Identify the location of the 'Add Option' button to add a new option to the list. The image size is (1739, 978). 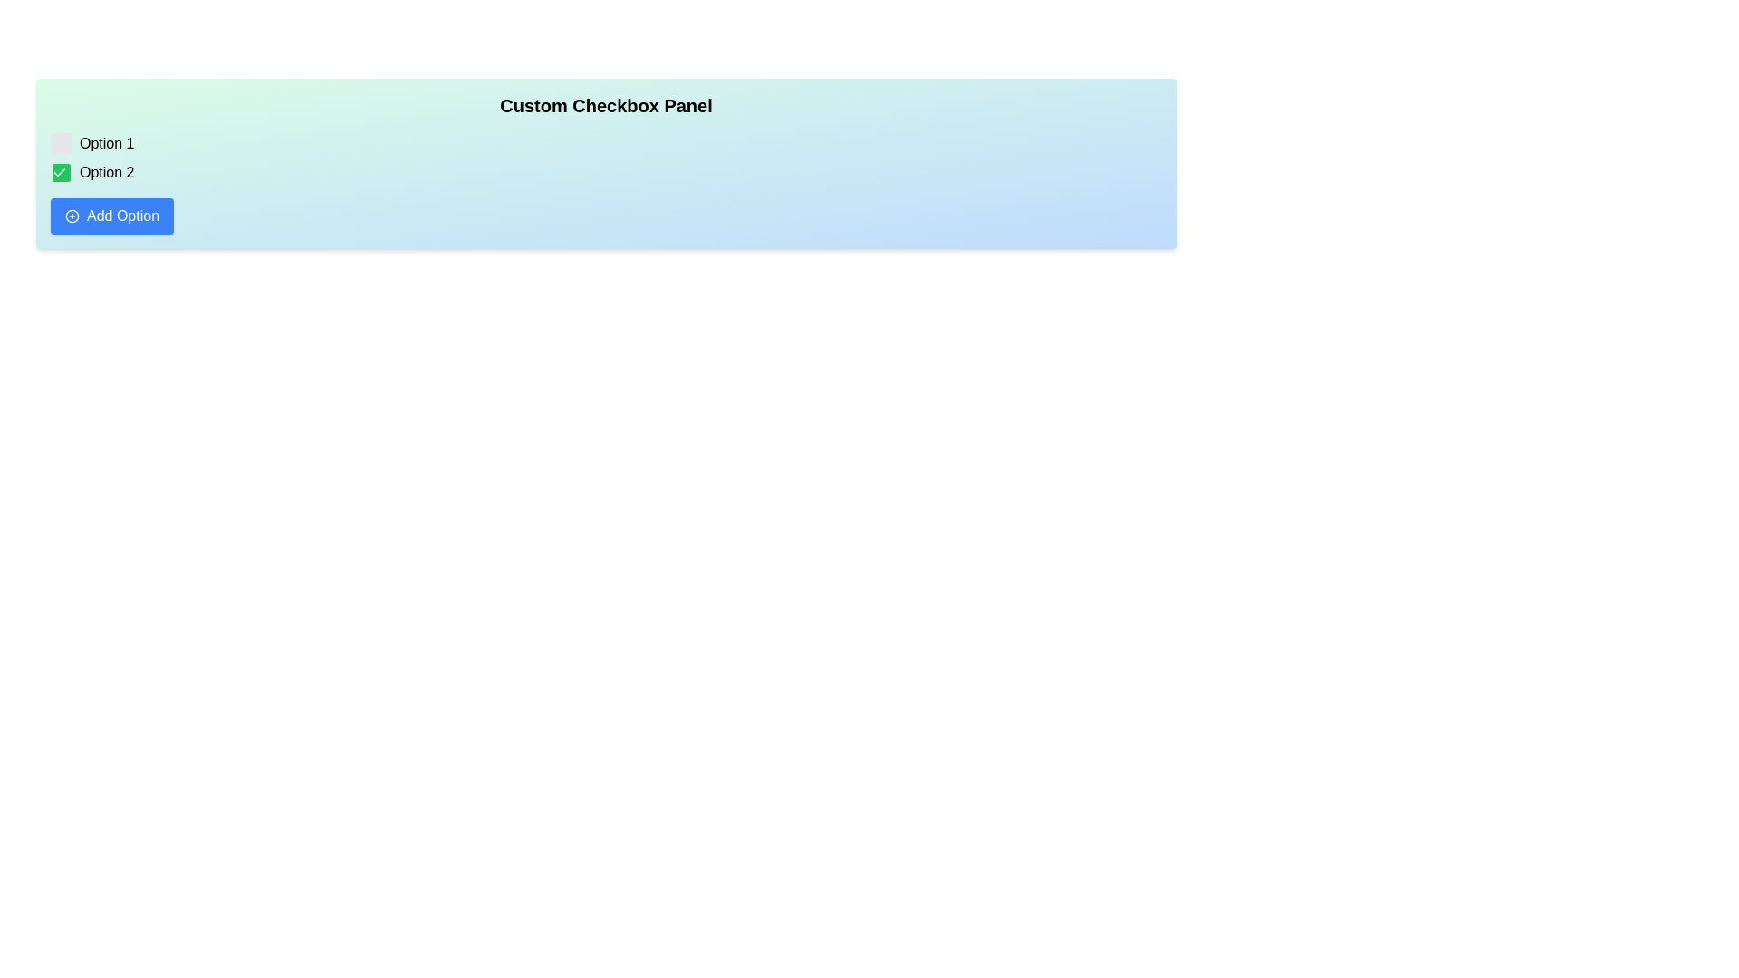
(111, 216).